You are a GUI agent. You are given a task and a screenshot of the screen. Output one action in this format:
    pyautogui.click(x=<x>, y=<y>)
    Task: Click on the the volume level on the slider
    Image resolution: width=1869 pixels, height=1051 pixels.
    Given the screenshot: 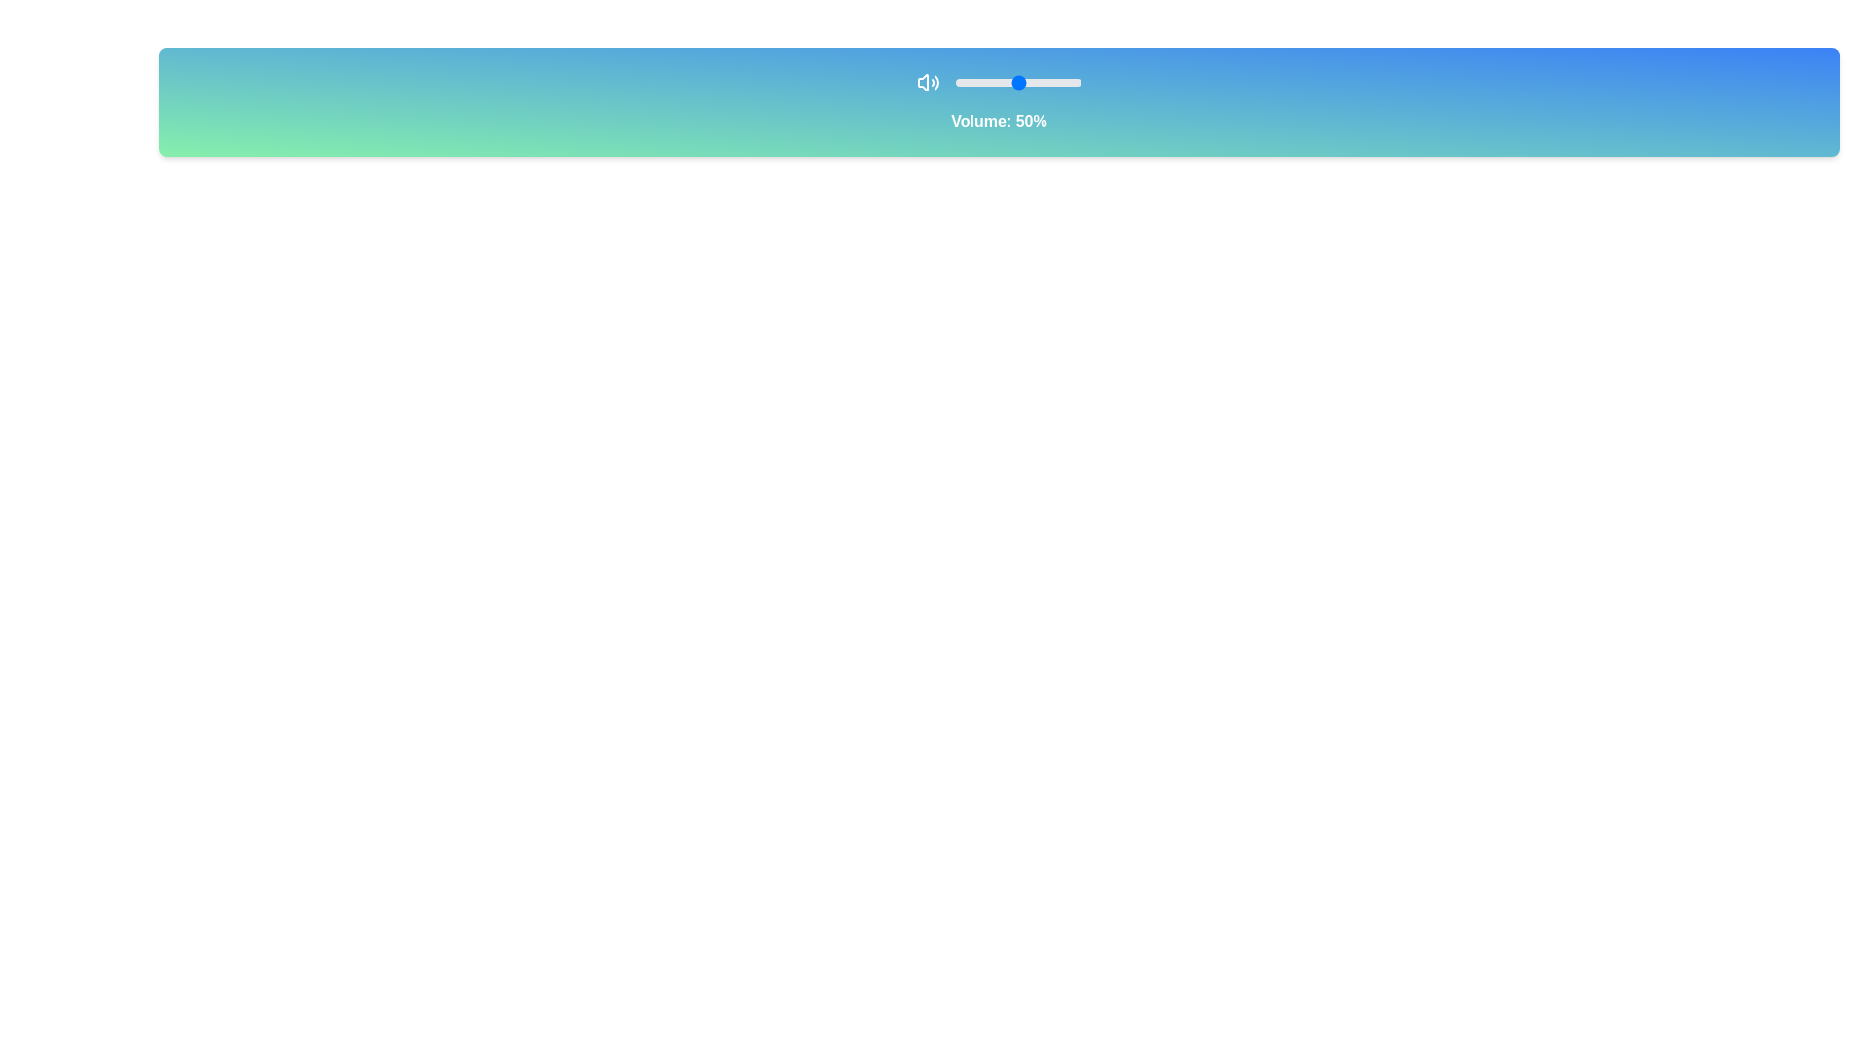 What is the action you would take?
    pyautogui.click(x=1031, y=81)
    